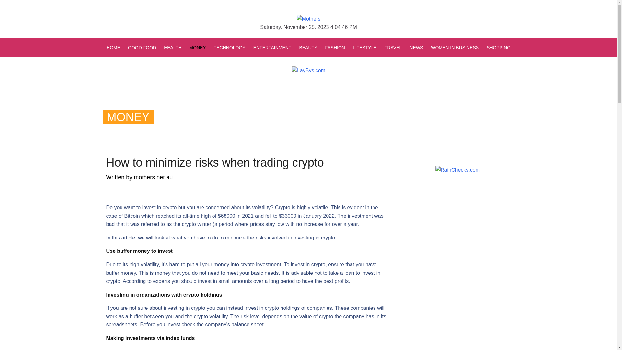 Image resolution: width=622 pixels, height=350 pixels. I want to click on 'LIFESTYLE', so click(365, 47).